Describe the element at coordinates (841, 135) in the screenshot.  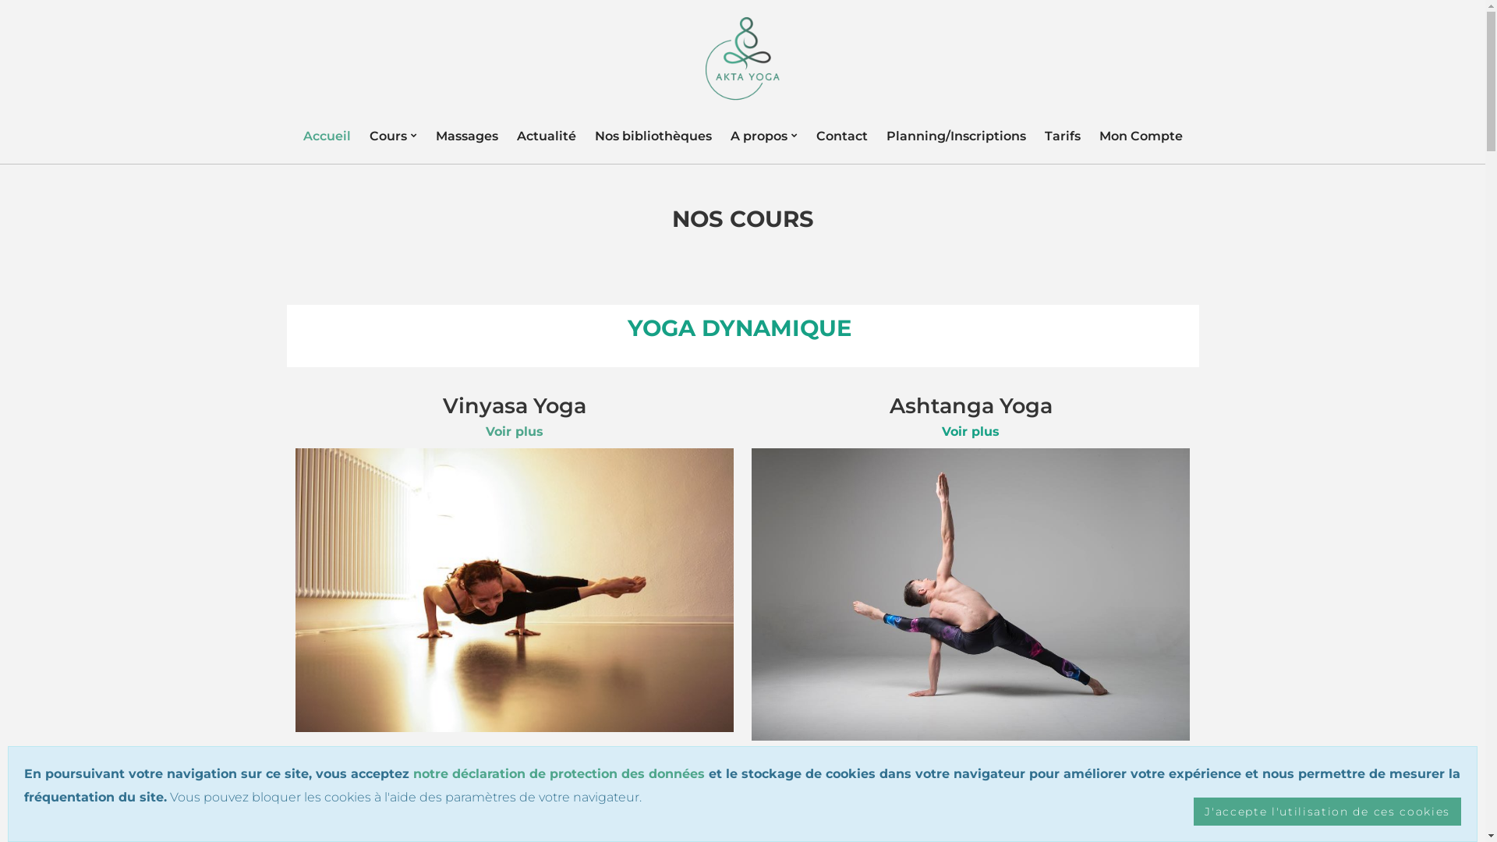
I see `'Contact'` at that location.